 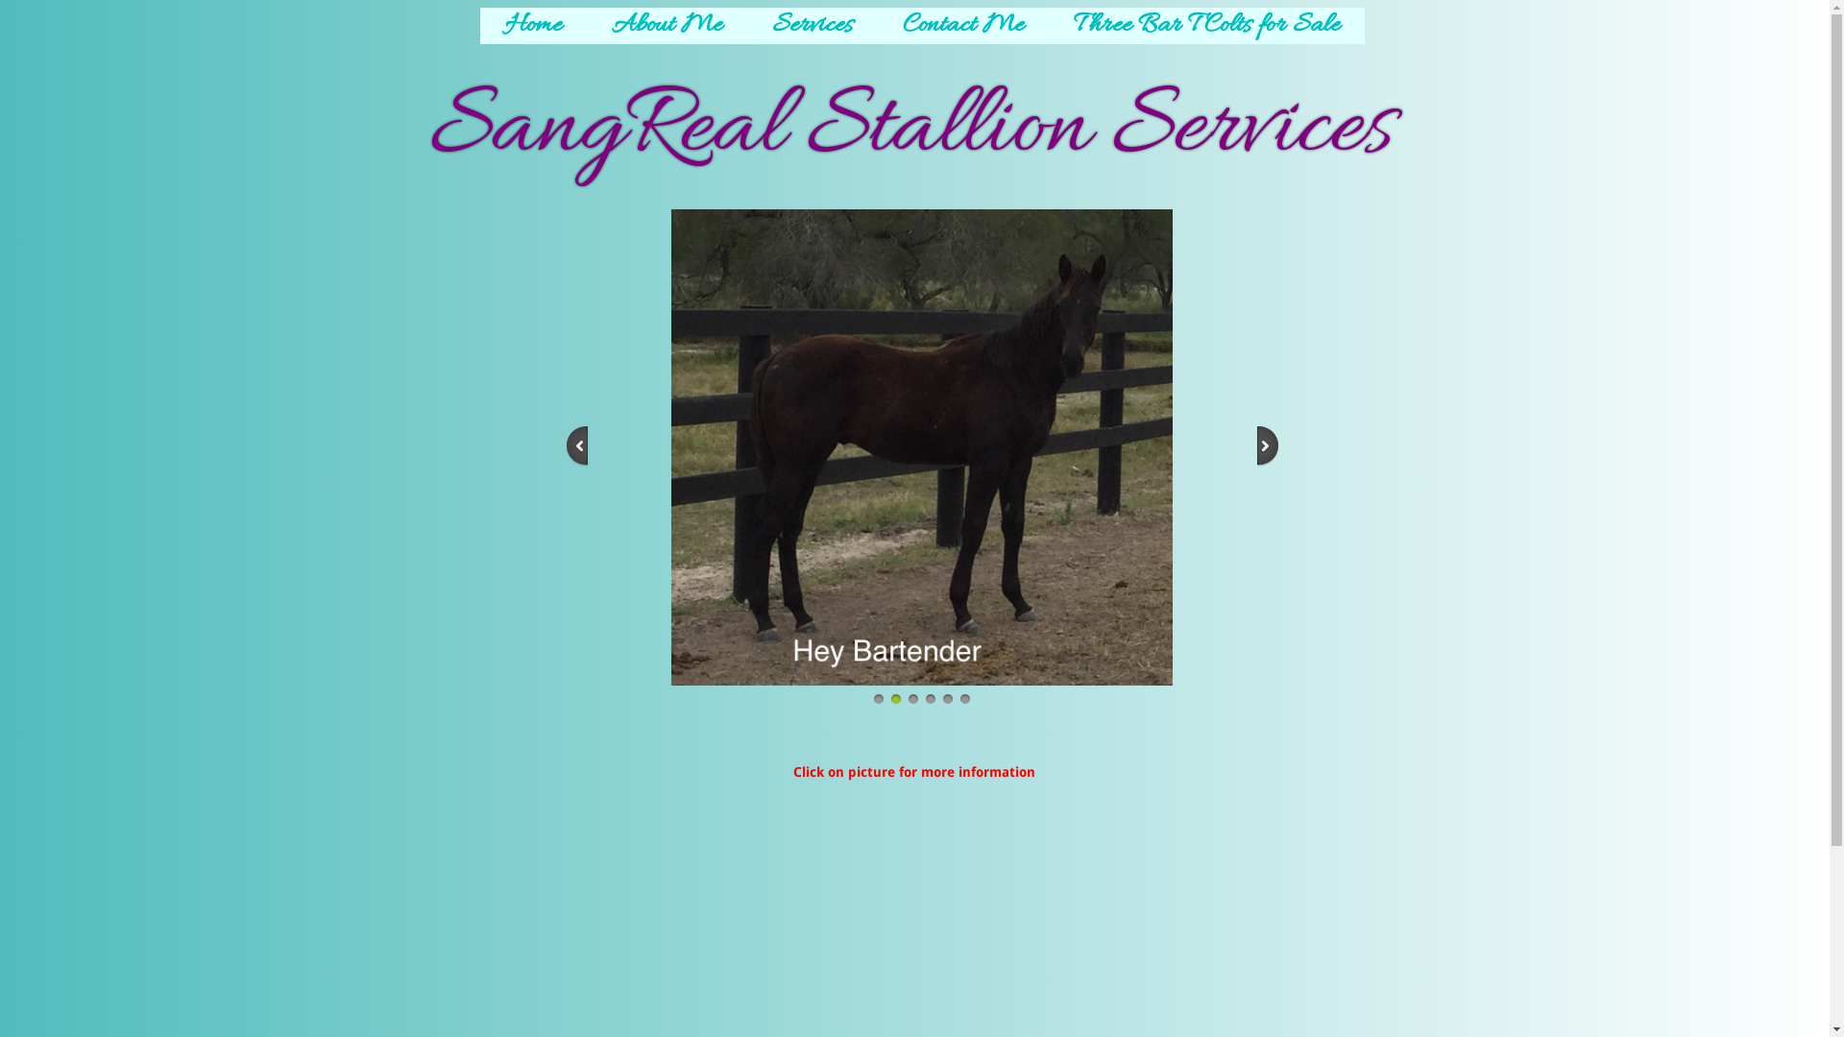 What do you see at coordinates (812, 26) in the screenshot?
I see `'Services'` at bounding box center [812, 26].